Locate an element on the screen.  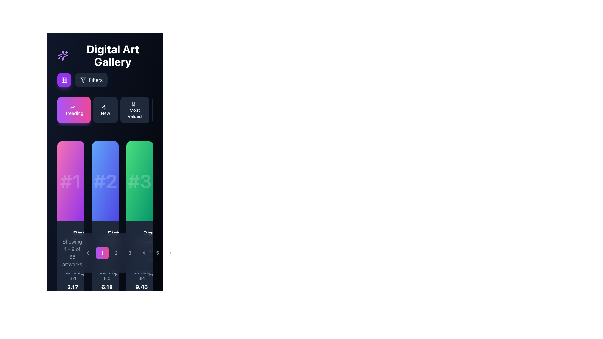
the text display element that shows the current highest bid for the auction item, positioned under the 'Current Bid' label and above the '6.18 ETH' value is located at coordinates (107, 284).